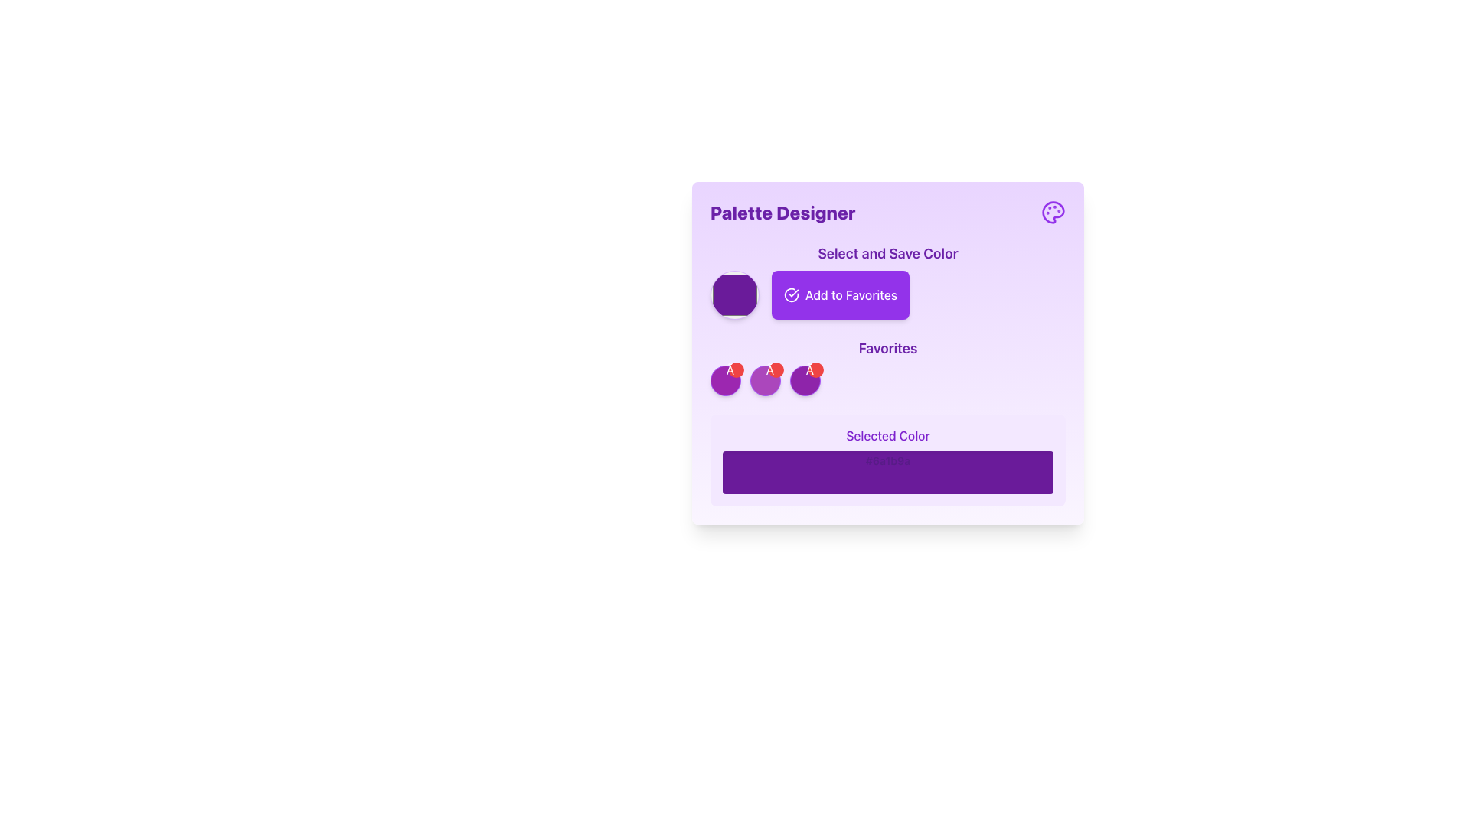 The height and width of the screenshot is (826, 1470). What do you see at coordinates (804, 379) in the screenshot?
I see `the third circular button with a purple hue and a red badge labeled 'A' in the 'Favorites' section of the 'Palette Designer' interface` at bounding box center [804, 379].